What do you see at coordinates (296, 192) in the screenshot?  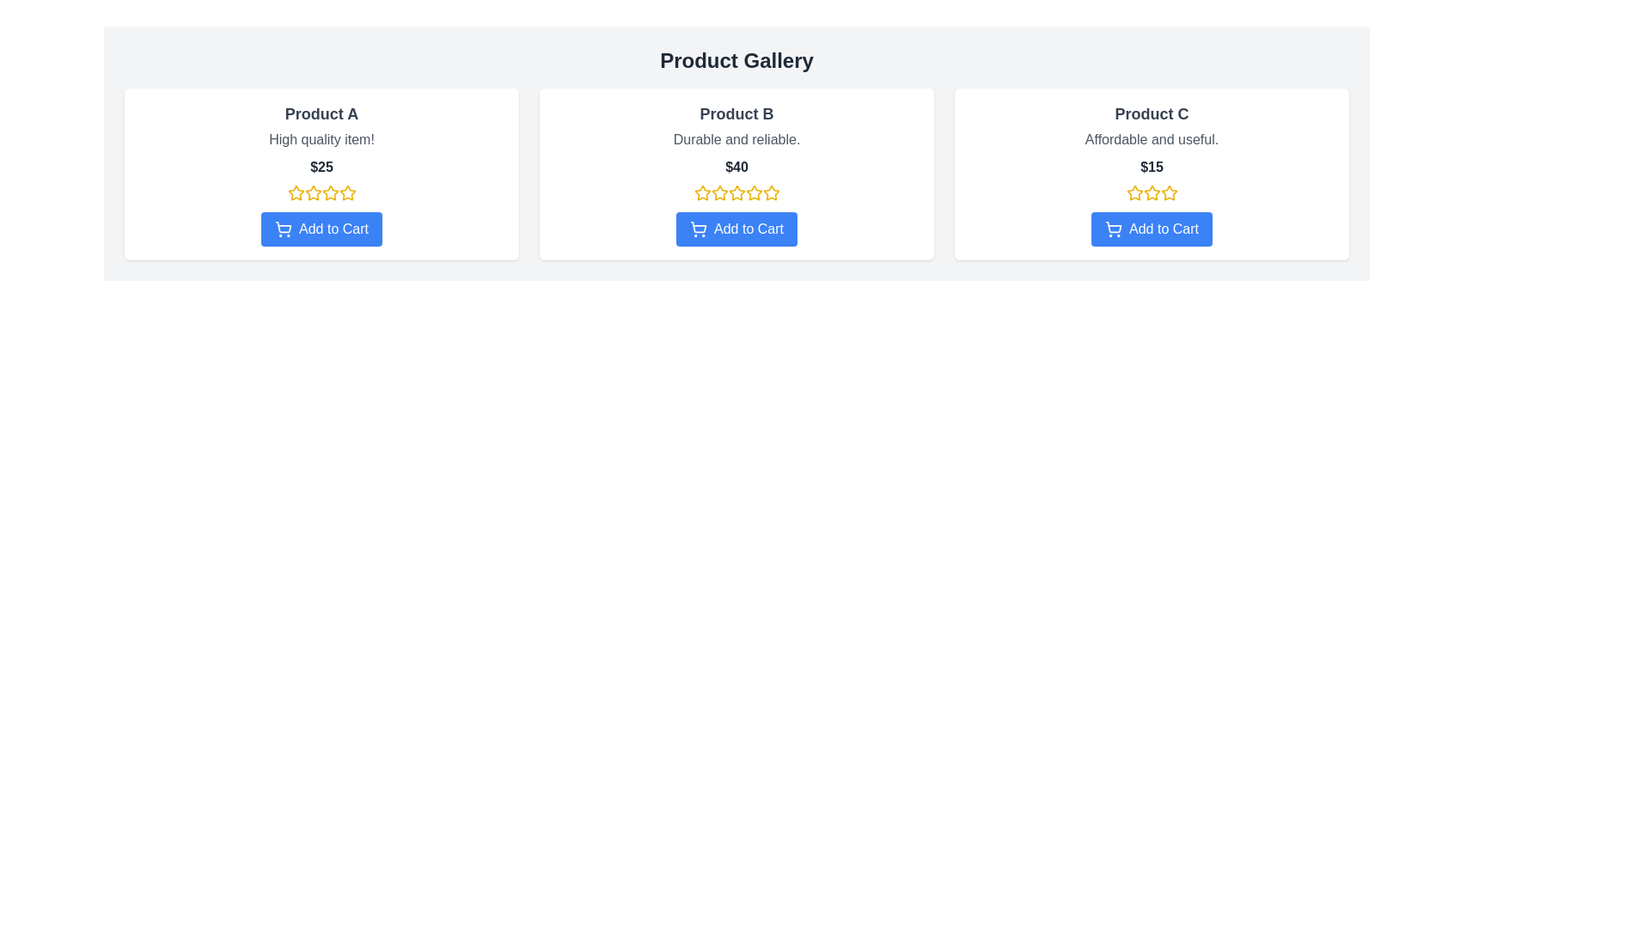 I see `the first yellow star icon in the interactive star rating system for 'Product A'` at bounding box center [296, 192].